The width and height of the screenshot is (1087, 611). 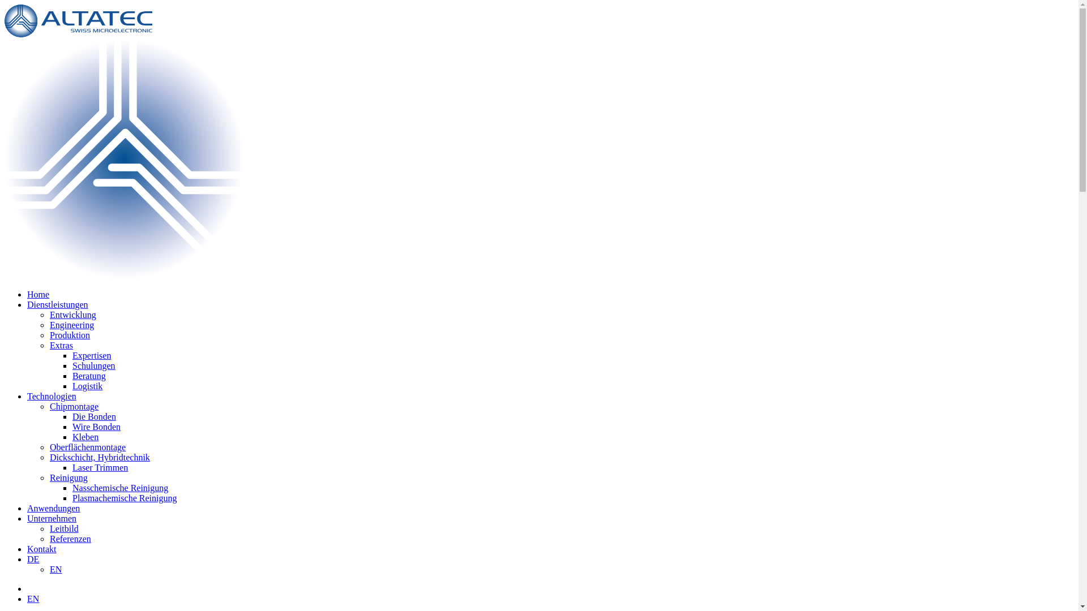 What do you see at coordinates (87, 385) in the screenshot?
I see `'Logistik'` at bounding box center [87, 385].